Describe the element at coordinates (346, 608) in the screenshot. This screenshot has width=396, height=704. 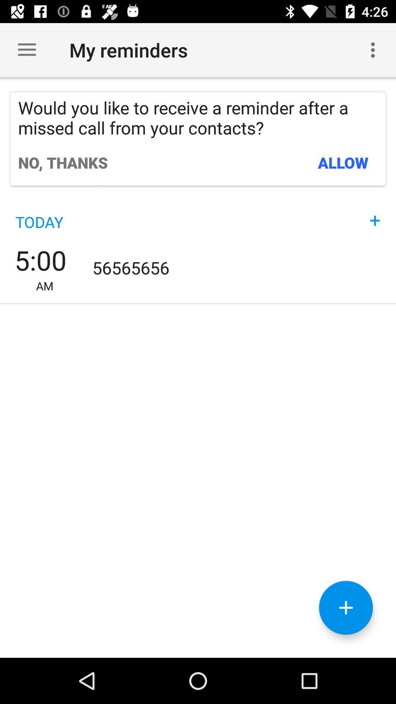
I see `a reminder` at that location.